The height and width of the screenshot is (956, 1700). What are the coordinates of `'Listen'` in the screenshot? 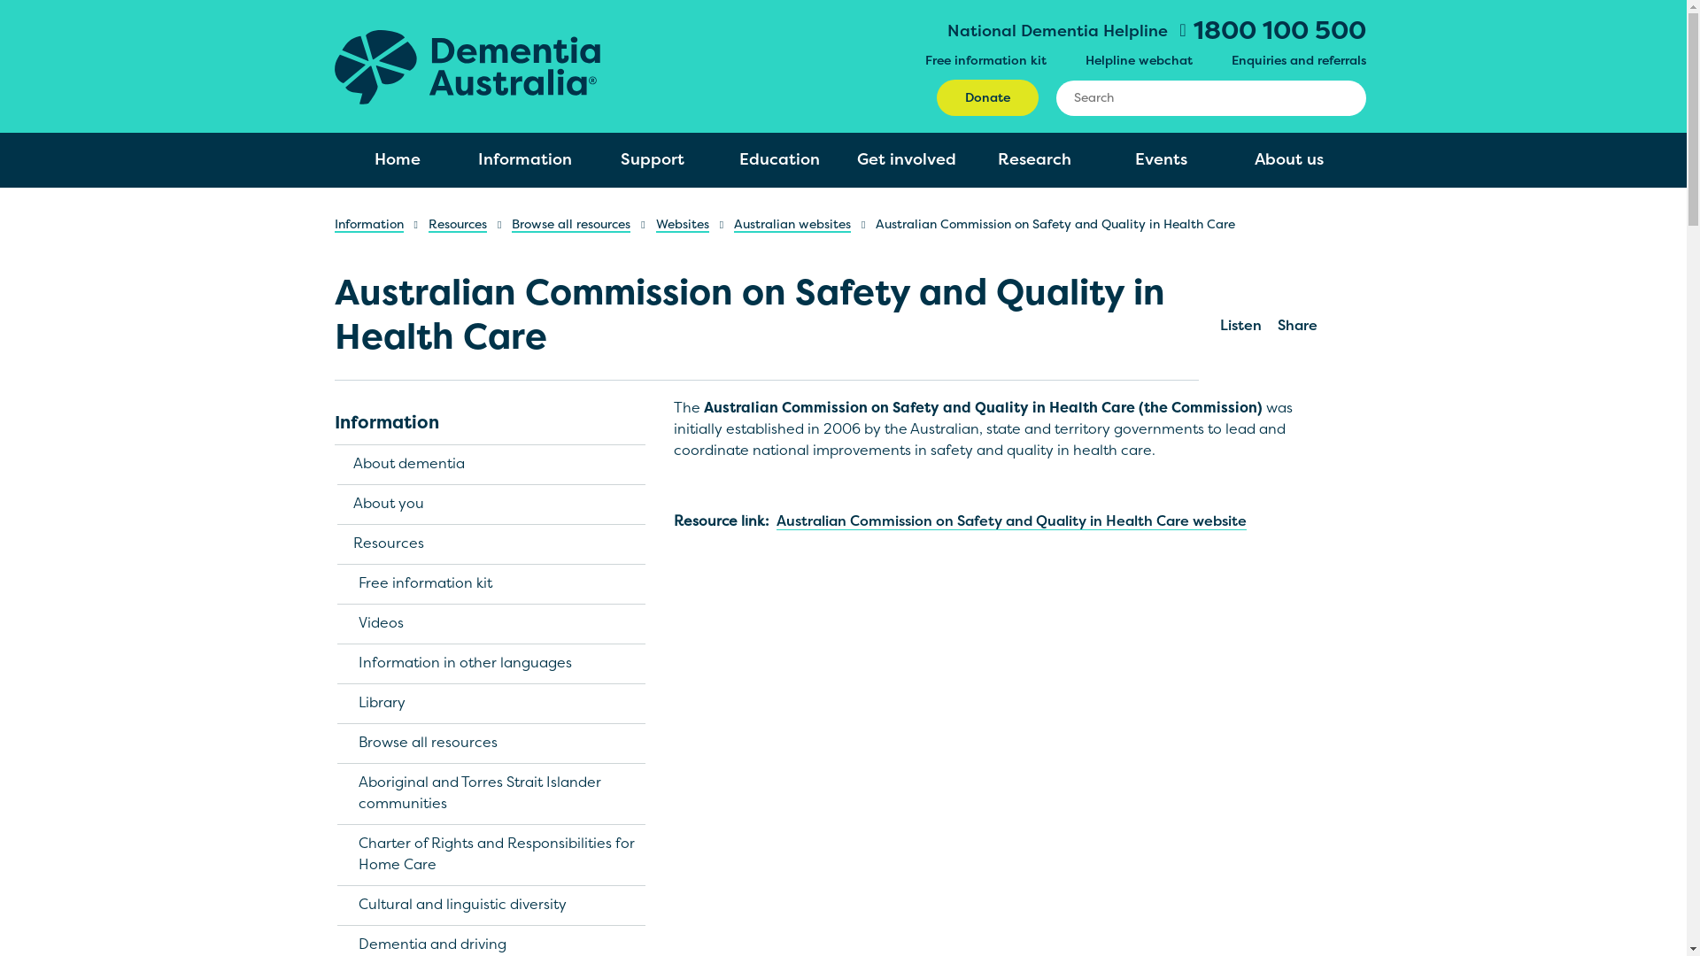 It's located at (1211, 293).